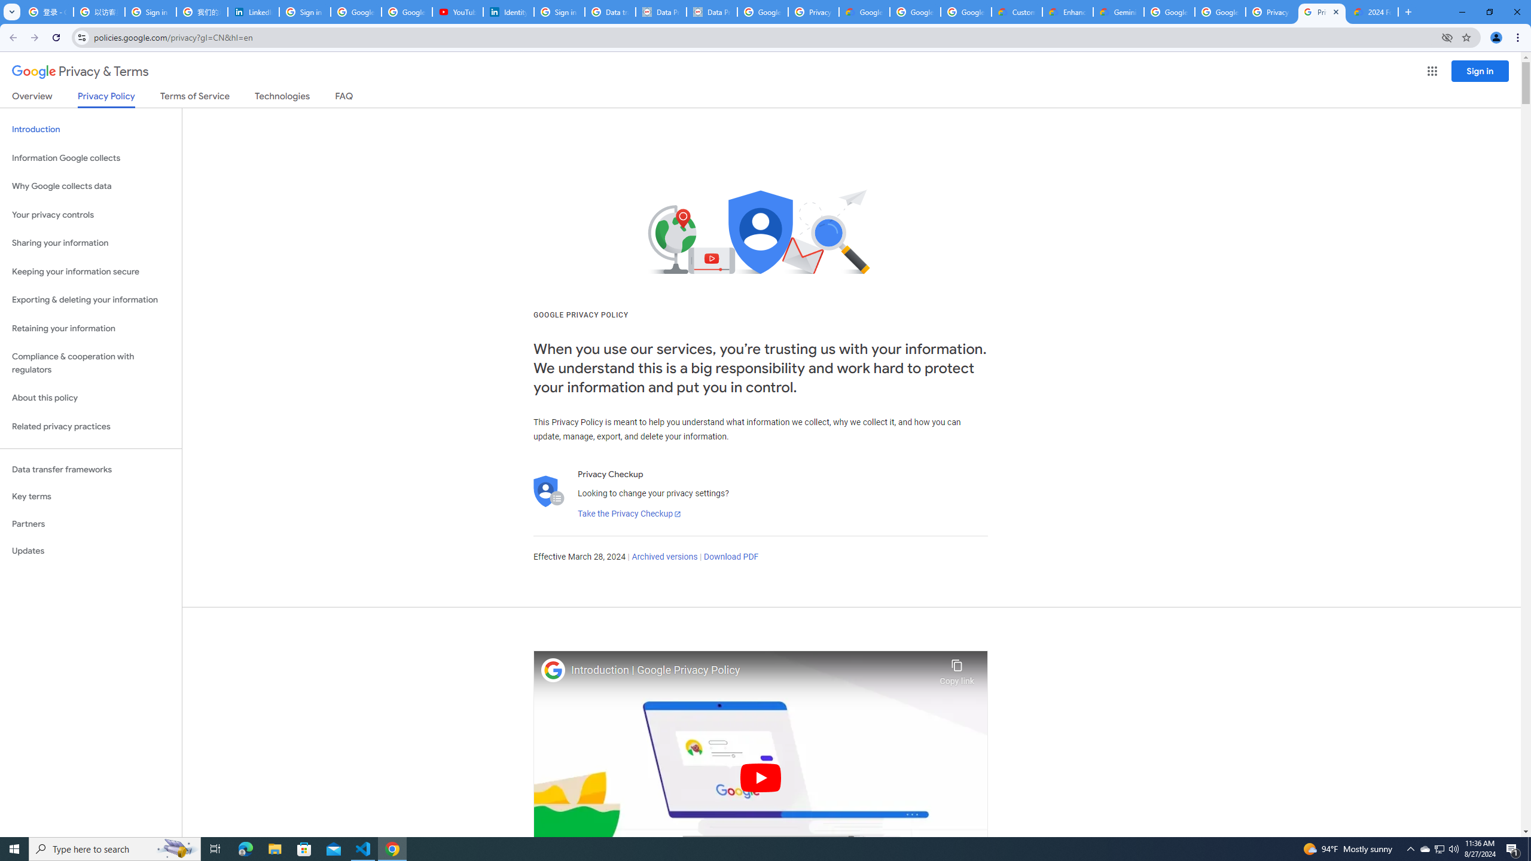 Image resolution: width=1531 pixels, height=861 pixels. What do you see at coordinates (90, 185) in the screenshot?
I see `'Why Google collects data'` at bounding box center [90, 185].